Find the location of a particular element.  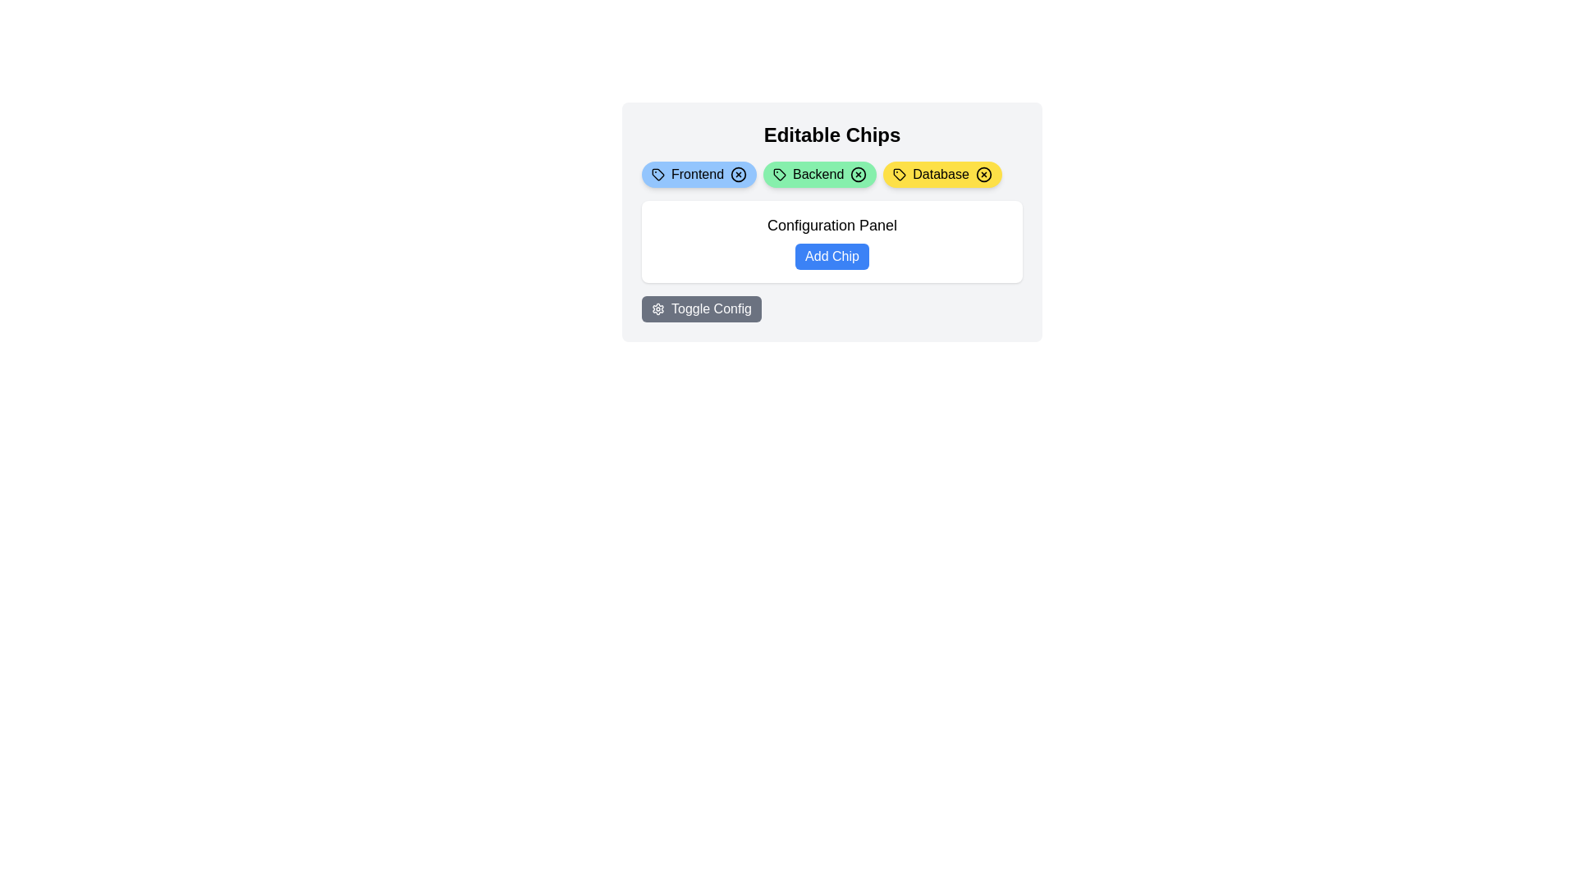

close button of the chip labeled Backend is located at coordinates (858, 174).